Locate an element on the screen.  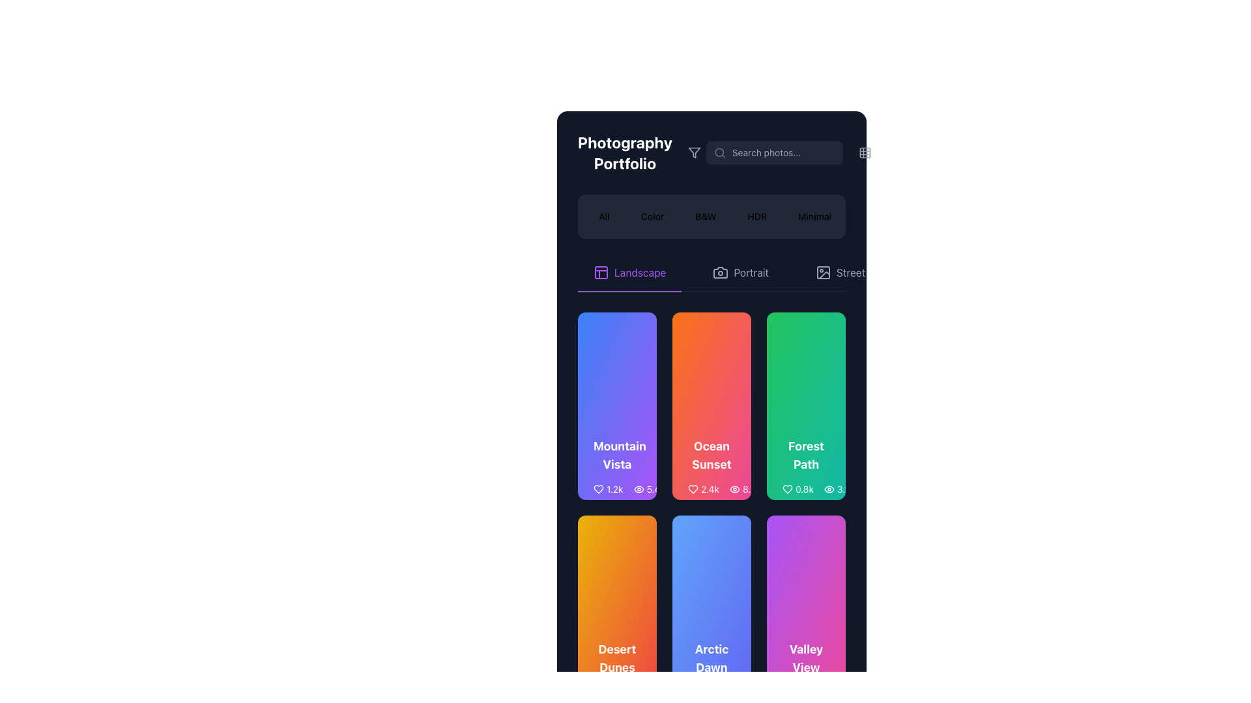
the second card titled 'Ocean Sunset' in the Landscape section is located at coordinates (711, 406).